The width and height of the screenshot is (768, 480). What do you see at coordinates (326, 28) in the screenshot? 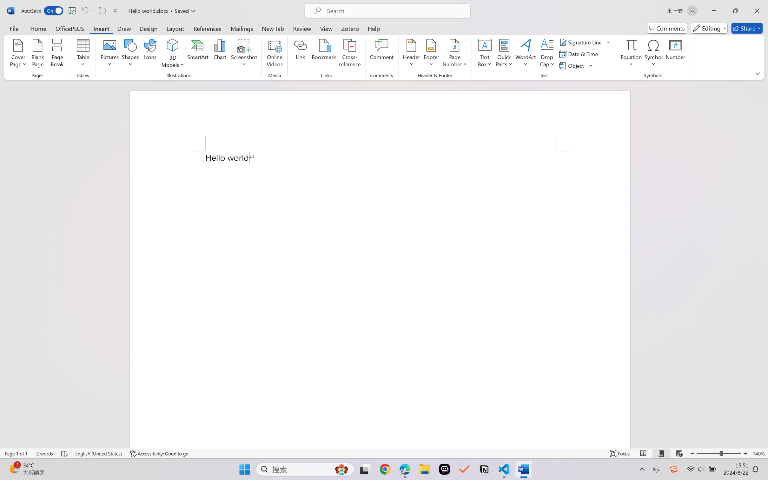
I see `'View'` at bounding box center [326, 28].